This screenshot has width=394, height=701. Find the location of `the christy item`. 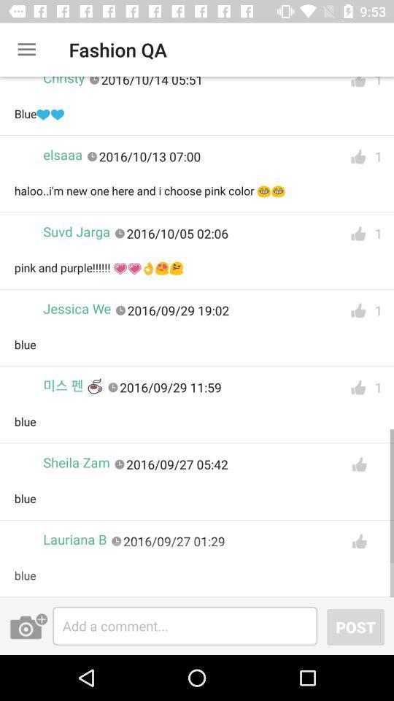

the christy item is located at coordinates (63, 84).